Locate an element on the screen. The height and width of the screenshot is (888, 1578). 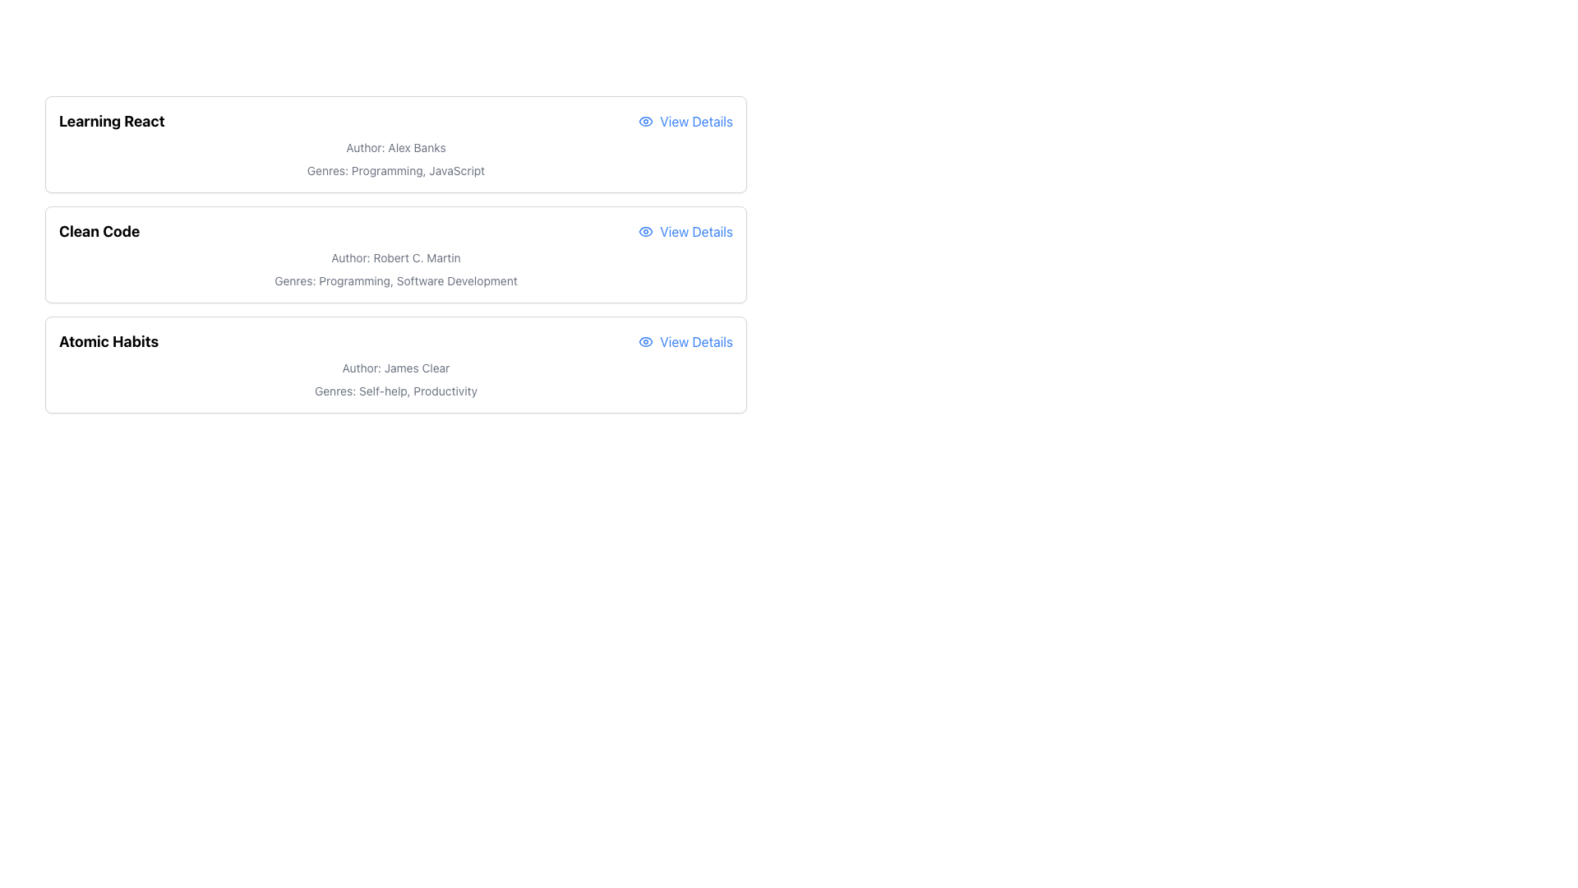
the author name text element in the book card for 'Atomic Habits', which is located below the book title and above the genres is located at coordinates (395, 367).